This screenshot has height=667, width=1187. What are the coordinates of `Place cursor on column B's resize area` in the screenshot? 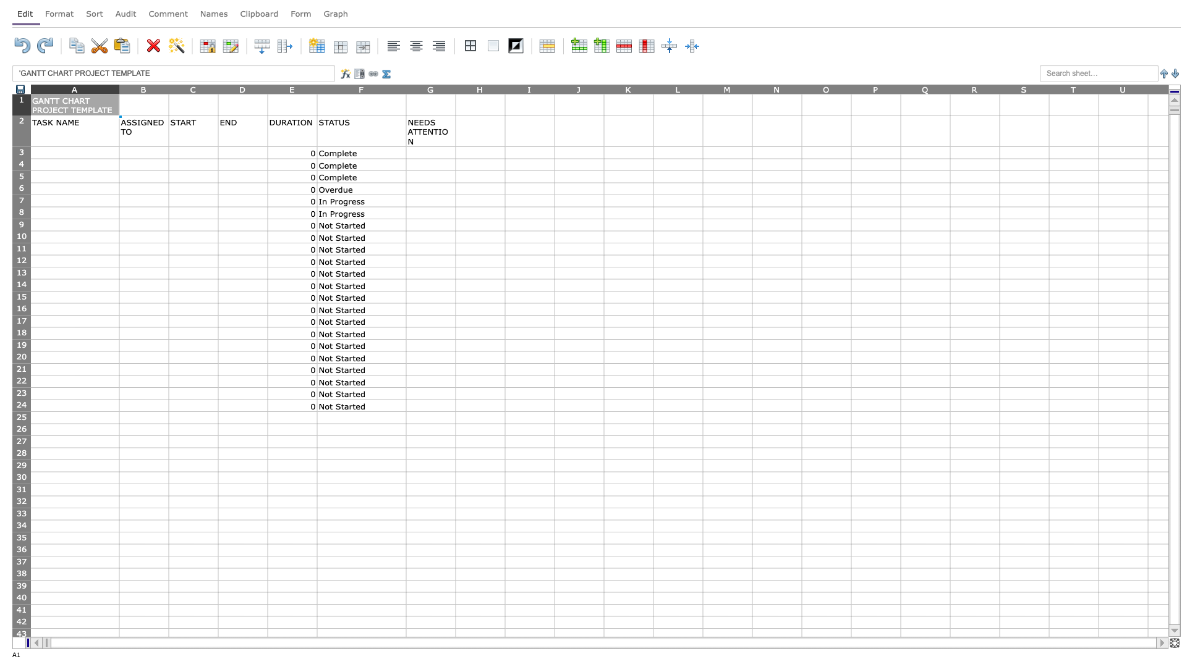 It's located at (168, 88).